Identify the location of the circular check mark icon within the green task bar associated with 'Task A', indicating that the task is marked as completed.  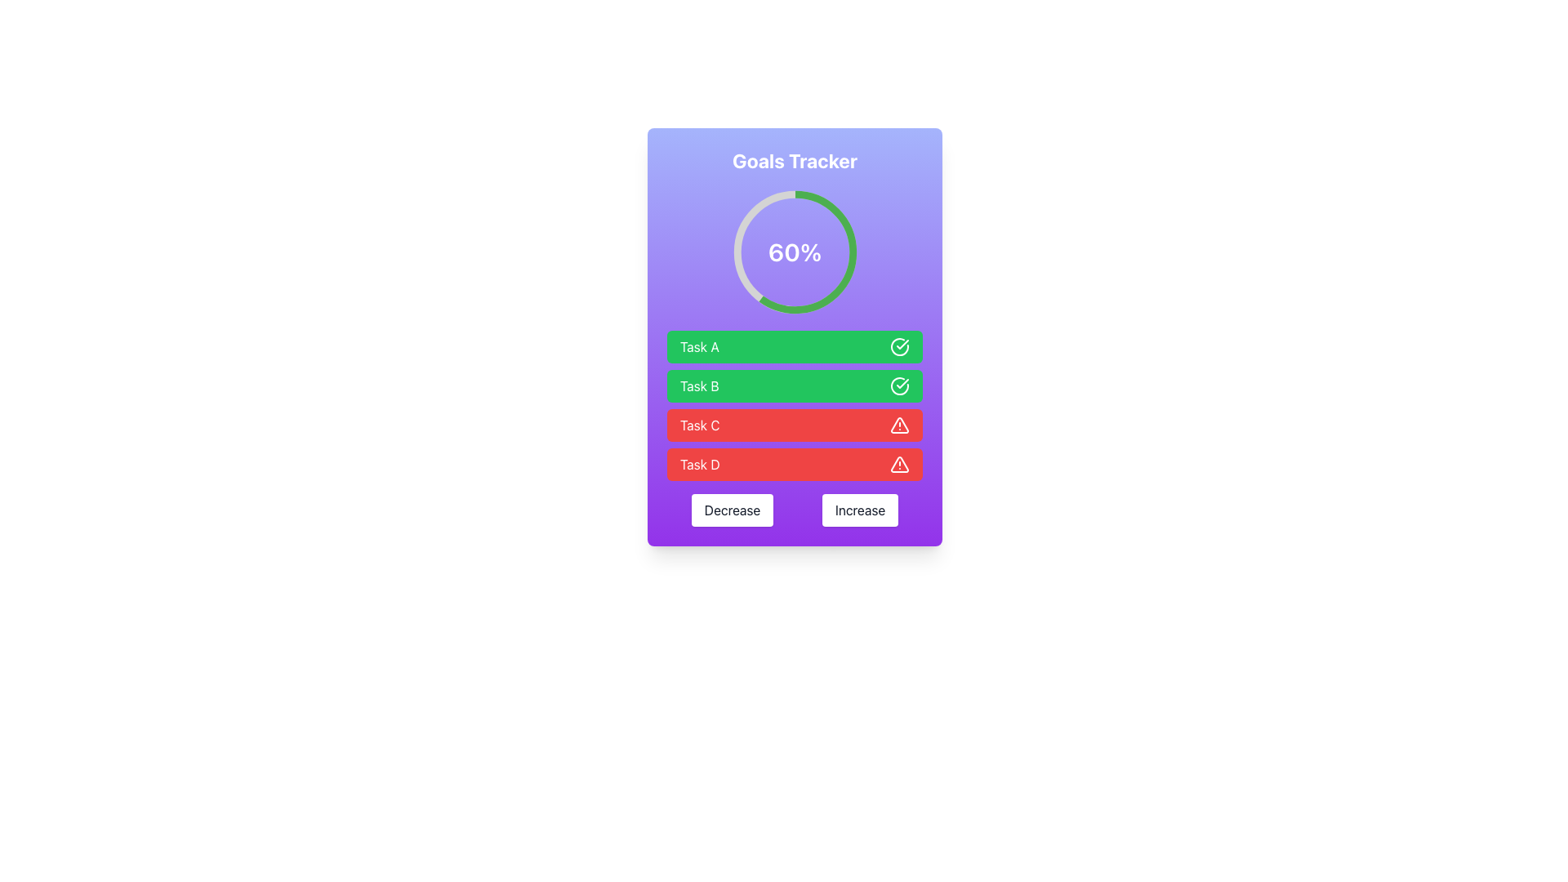
(899, 345).